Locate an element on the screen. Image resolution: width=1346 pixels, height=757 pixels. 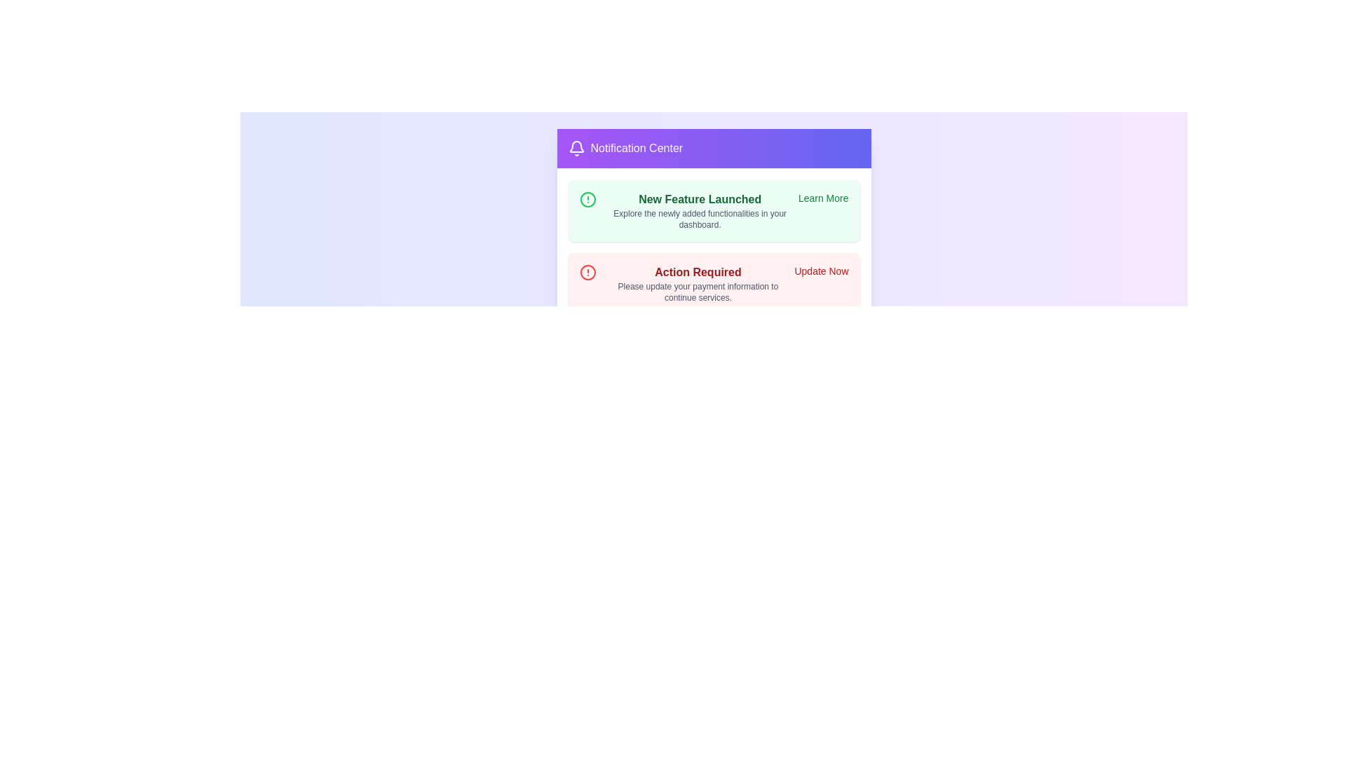
the warning icon in the notification banner that prompts users to update their payment information, which is positioned below the 'New Feature Launched' notification and above the 'Survey Opportunity' notification is located at coordinates (714, 284).